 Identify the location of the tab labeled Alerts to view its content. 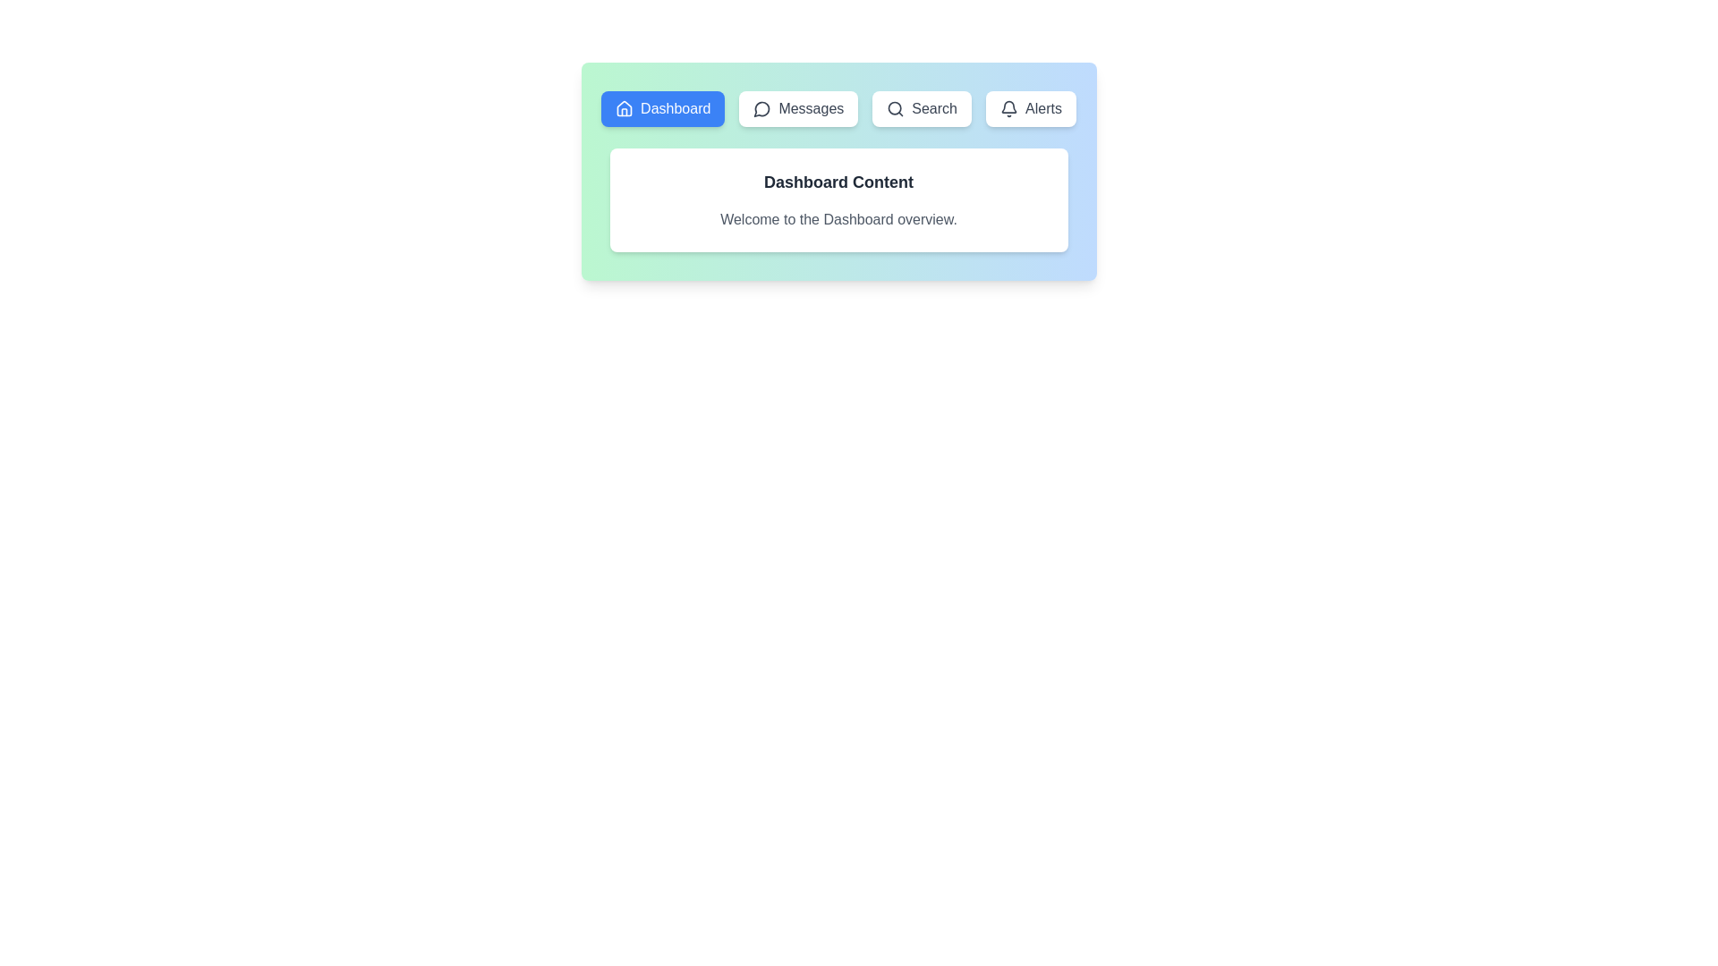
(1031, 109).